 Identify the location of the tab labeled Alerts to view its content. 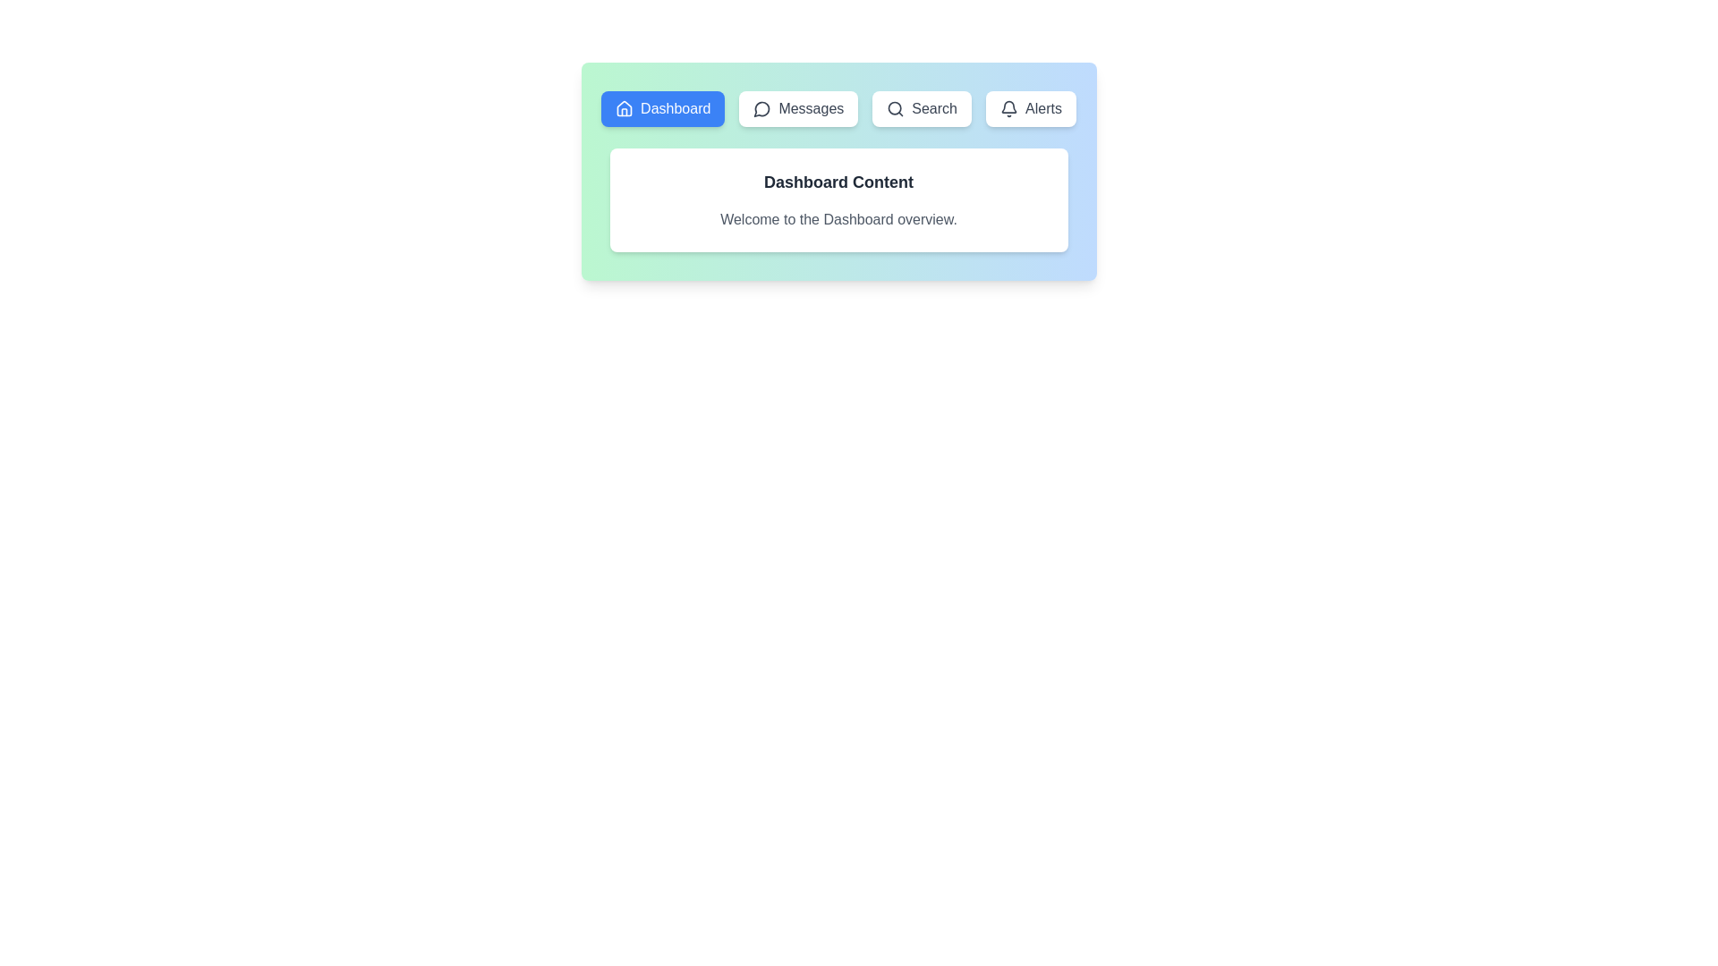
(1031, 109).